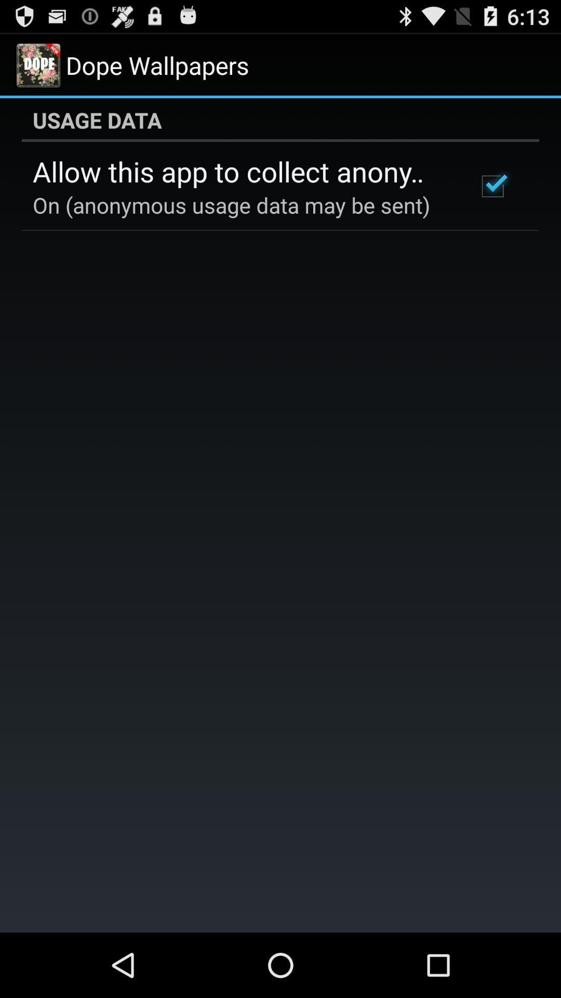 This screenshot has width=561, height=998. Describe the element at coordinates (492, 186) in the screenshot. I see `app to the right of allow this app icon` at that location.